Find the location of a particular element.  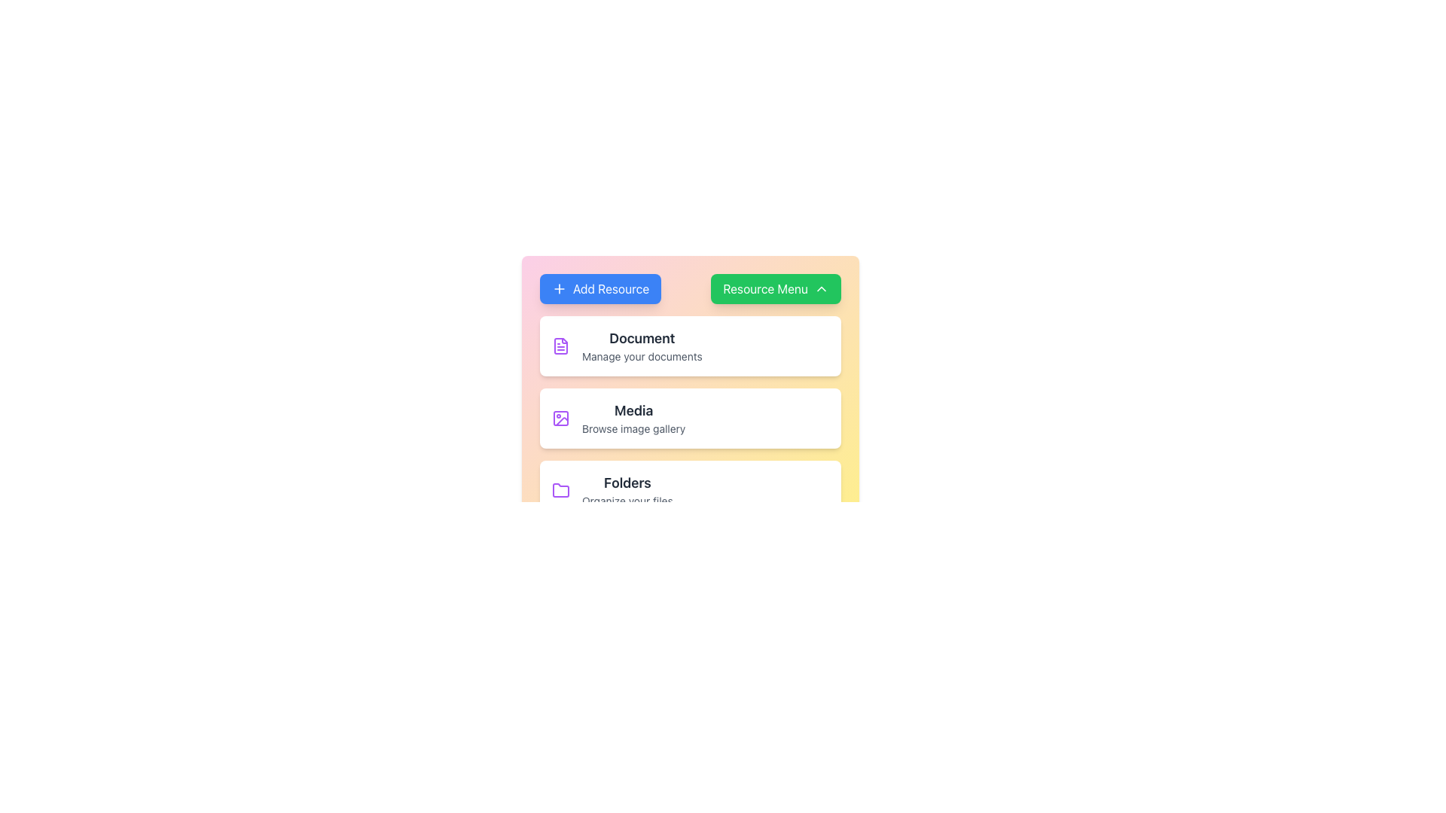

the media icon located to the left of the 'Media' heading and its description 'Browse image gallery' within the card titled 'Media' is located at coordinates (560, 418).